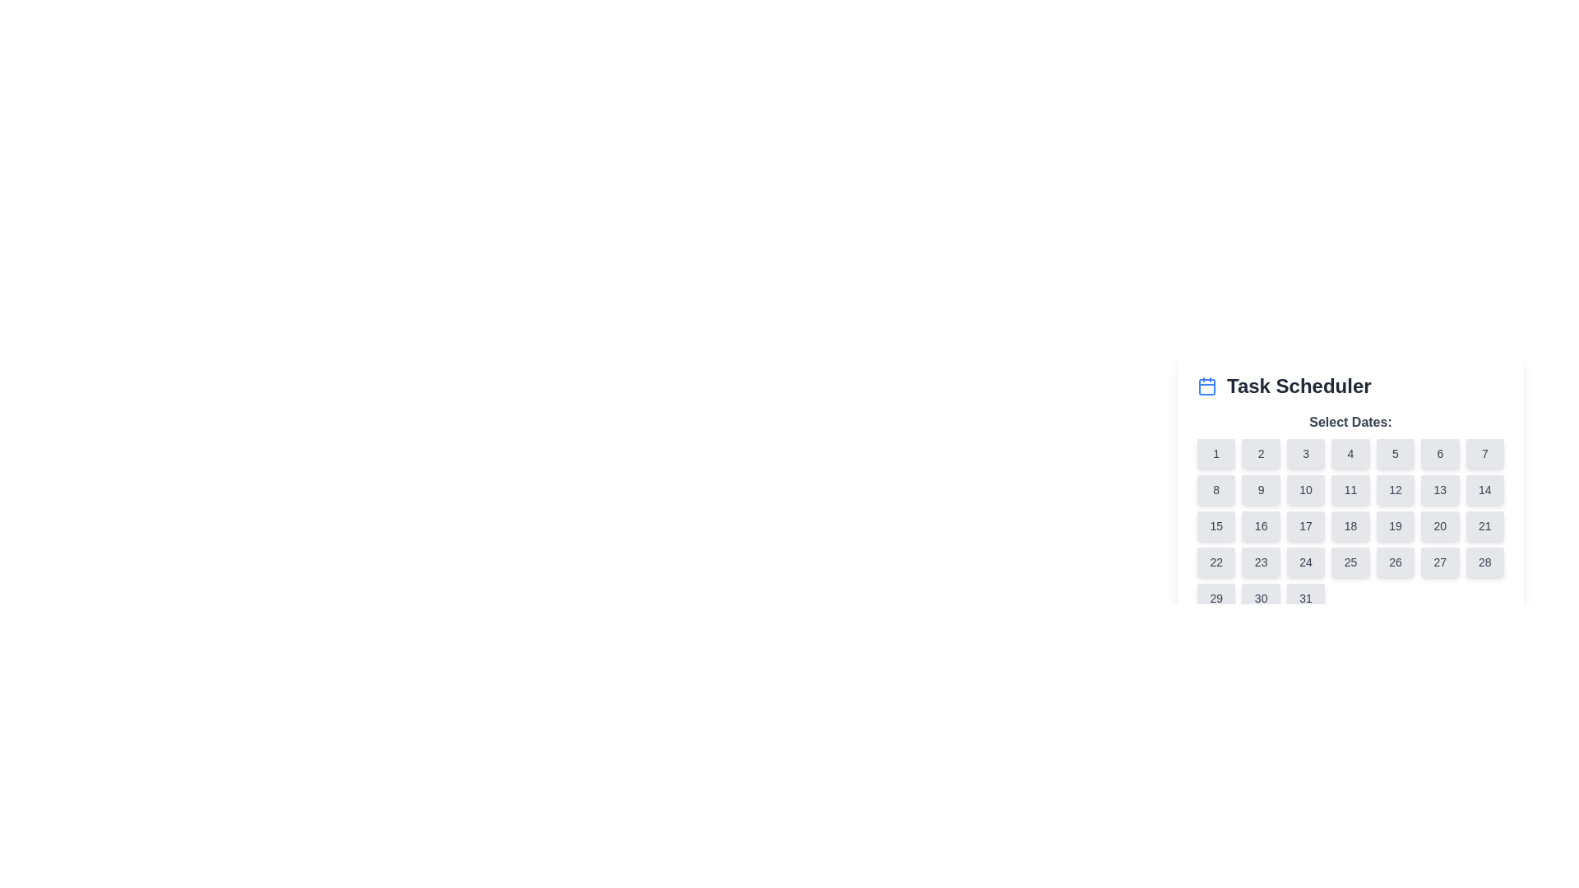  What do you see at coordinates (1260, 526) in the screenshot?
I see `the button representing the date '16' in the calendar interface` at bounding box center [1260, 526].